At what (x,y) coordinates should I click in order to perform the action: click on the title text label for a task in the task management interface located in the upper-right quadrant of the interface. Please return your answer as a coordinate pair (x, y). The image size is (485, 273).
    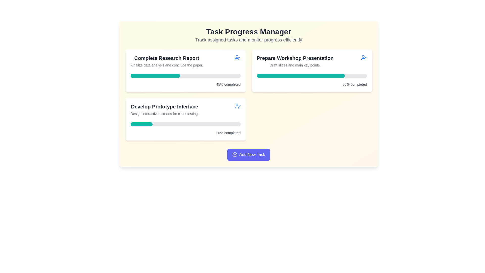
    Looking at the image, I should click on (295, 58).